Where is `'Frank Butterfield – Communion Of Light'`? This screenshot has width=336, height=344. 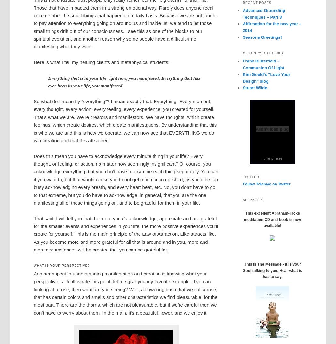 'Frank Butterfield – Communion Of Light' is located at coordinates (263, 64).